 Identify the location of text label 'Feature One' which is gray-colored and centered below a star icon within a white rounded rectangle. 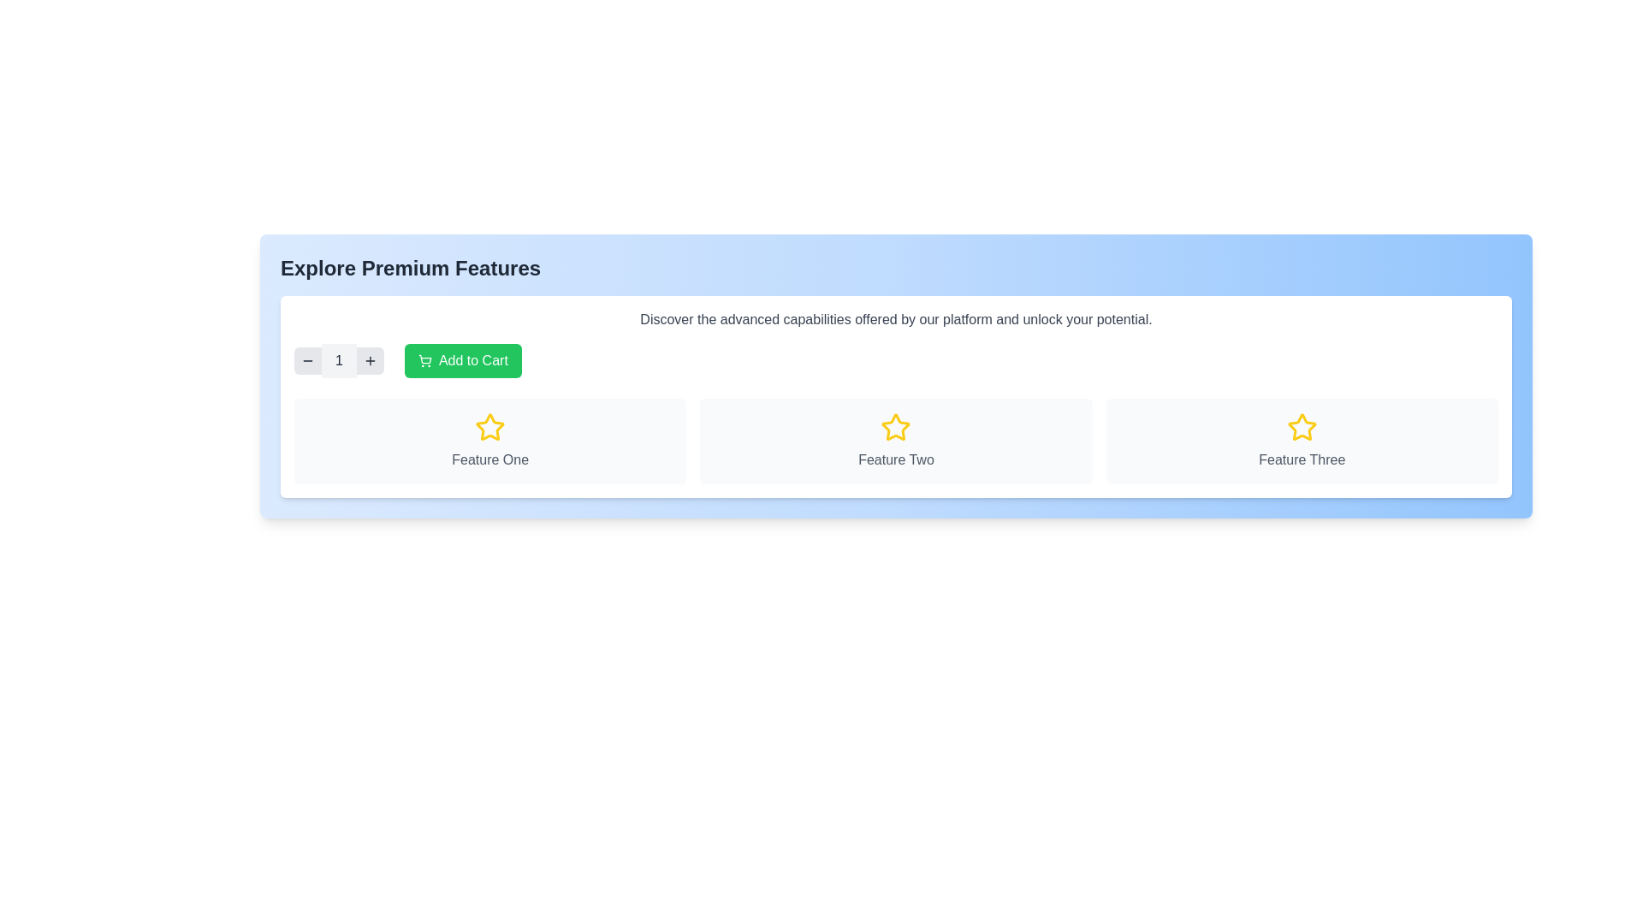
(489, 459).